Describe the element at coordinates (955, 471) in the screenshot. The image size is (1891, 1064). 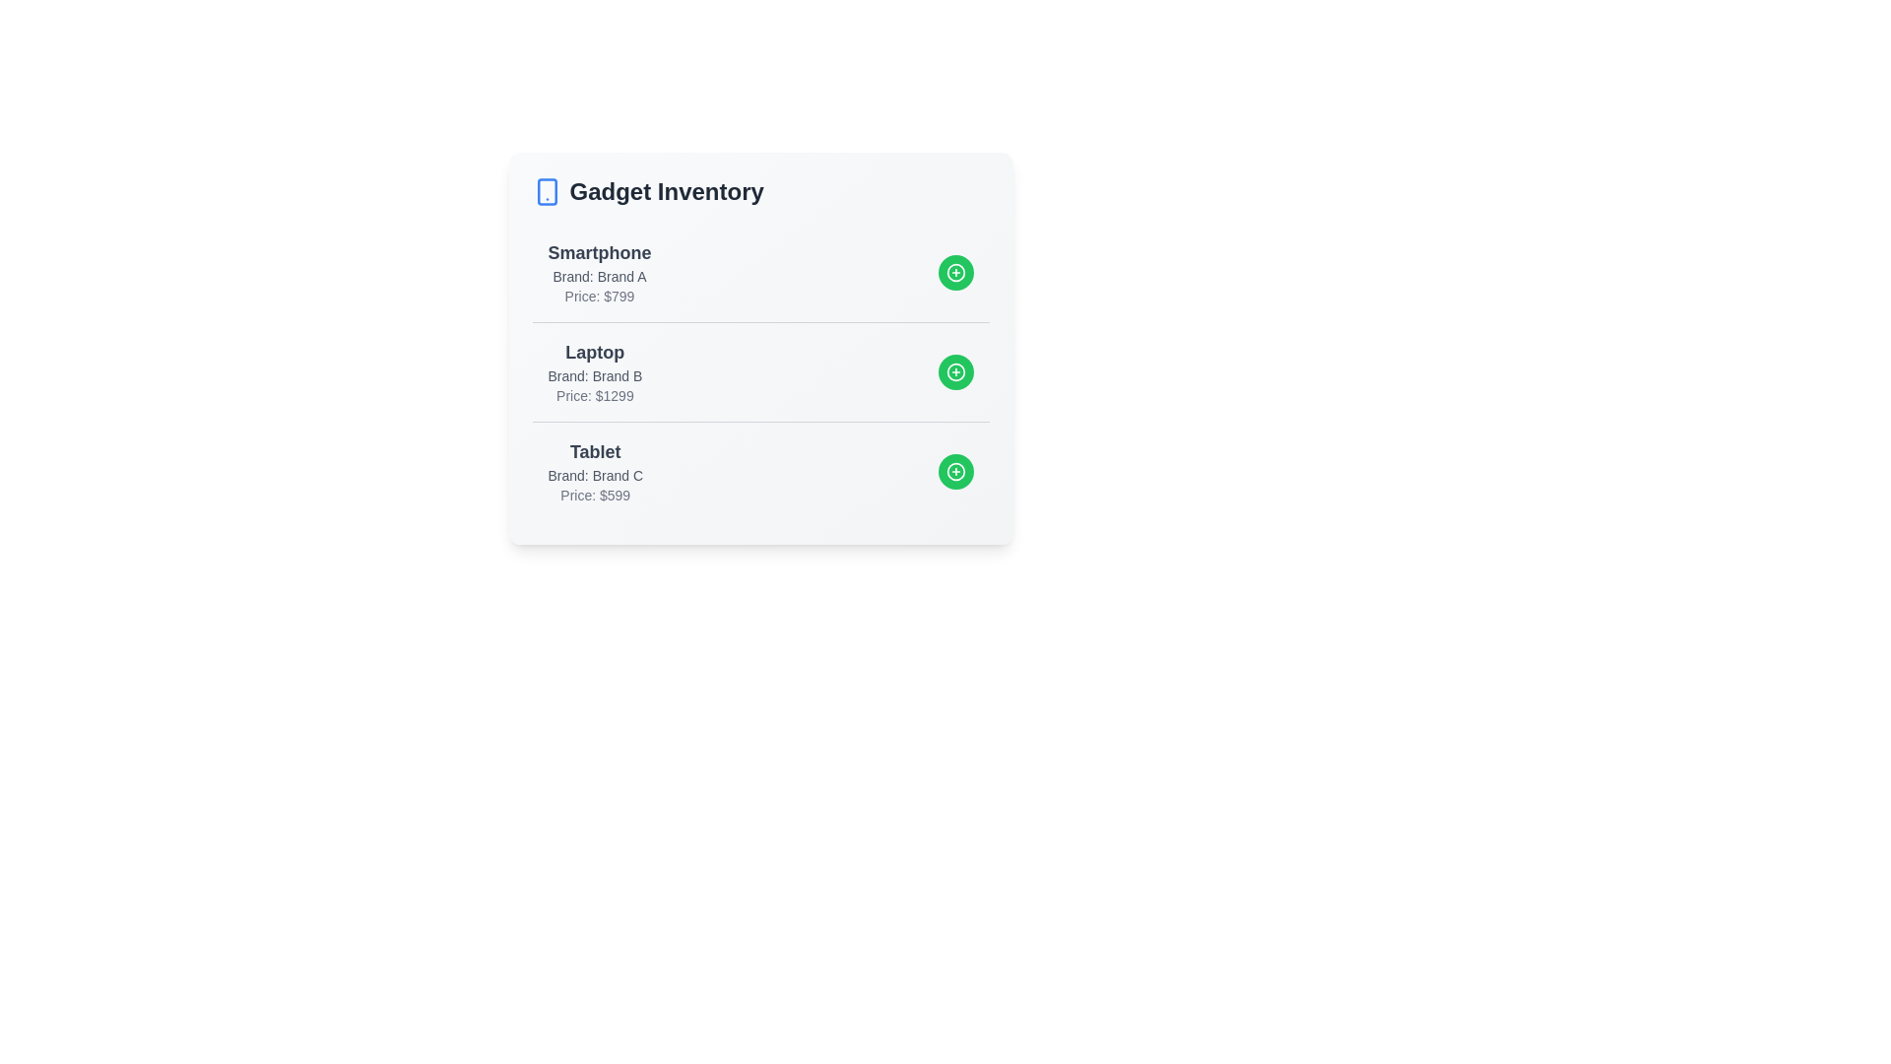
I see `add button next to the gadget named Tablet` at that location.